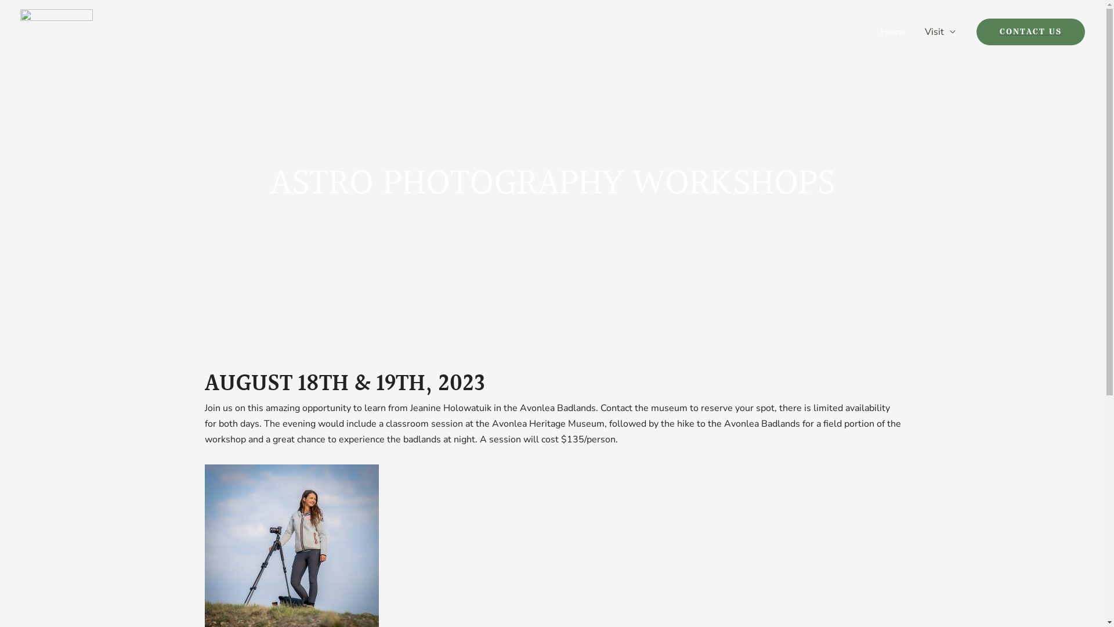 This screenshot has height=627, width=1114. Describe the element at coordinates (893, 31) in the screenshot. I see `'Home'` at that location.